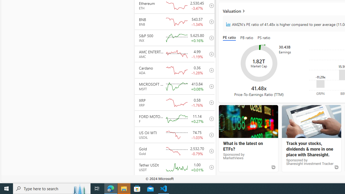 Image resolution: width=345 pixels, height=194 pixels. Describe the element at coordinates (210, 183) in the screenshot. I see `'add to your watchlist'` at that location.